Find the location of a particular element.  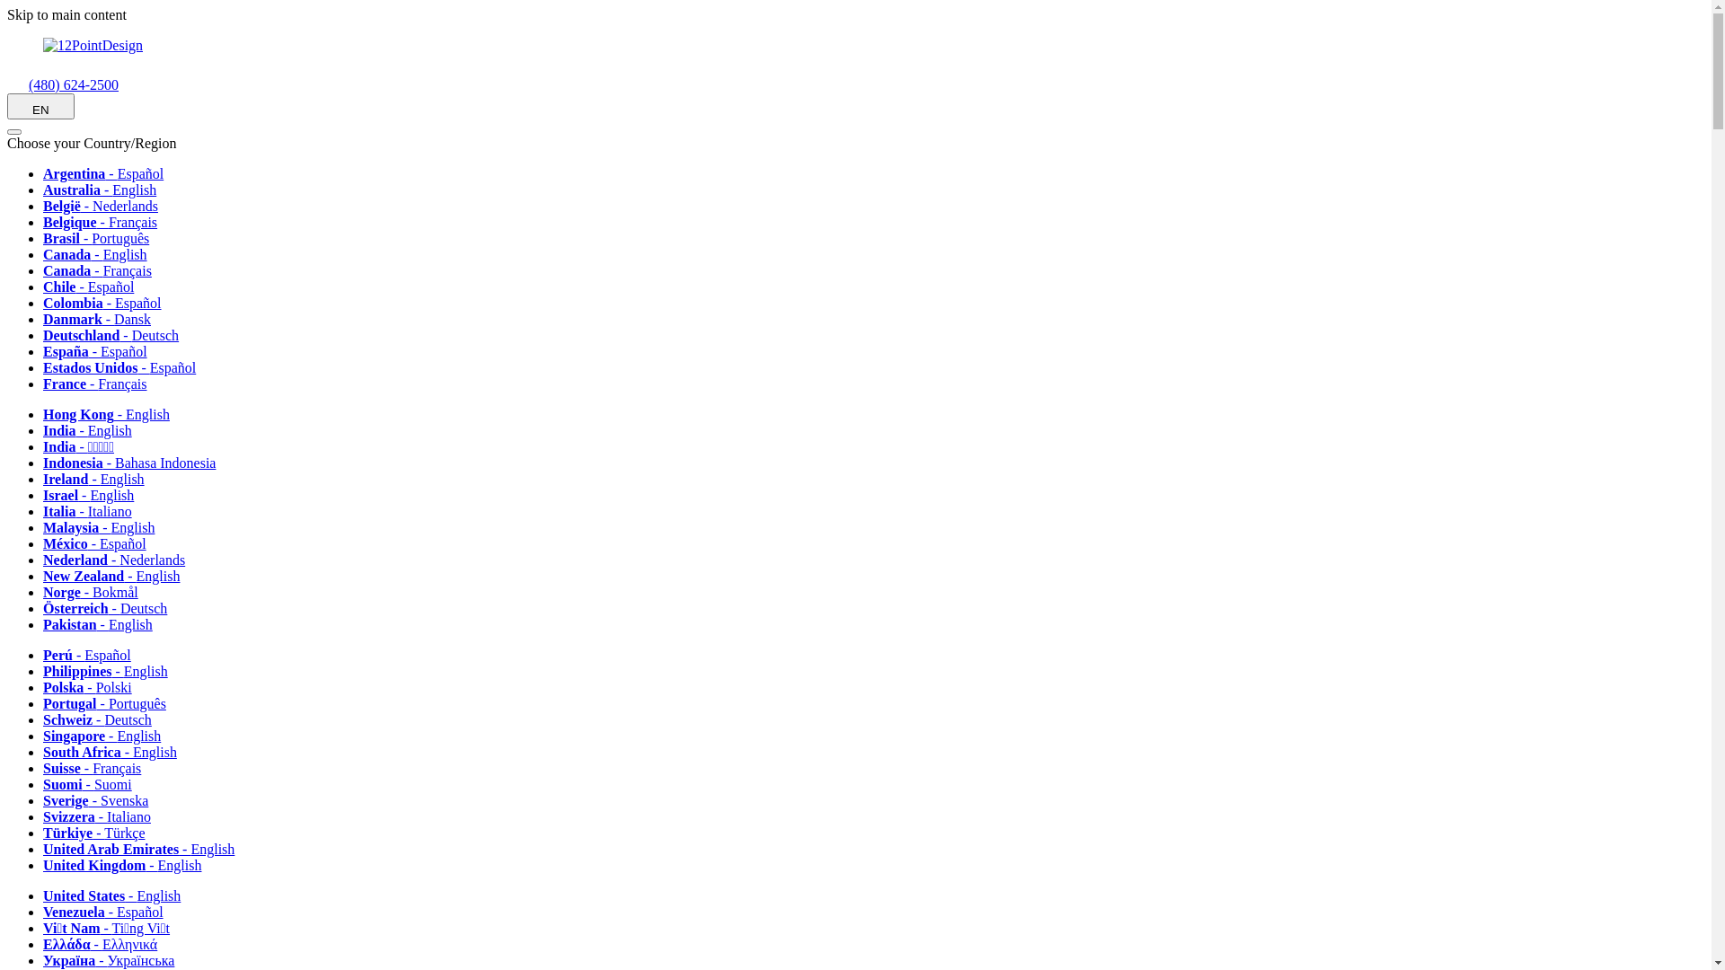

'Svizzera - Italiano' is located at coordinates (102, 816).